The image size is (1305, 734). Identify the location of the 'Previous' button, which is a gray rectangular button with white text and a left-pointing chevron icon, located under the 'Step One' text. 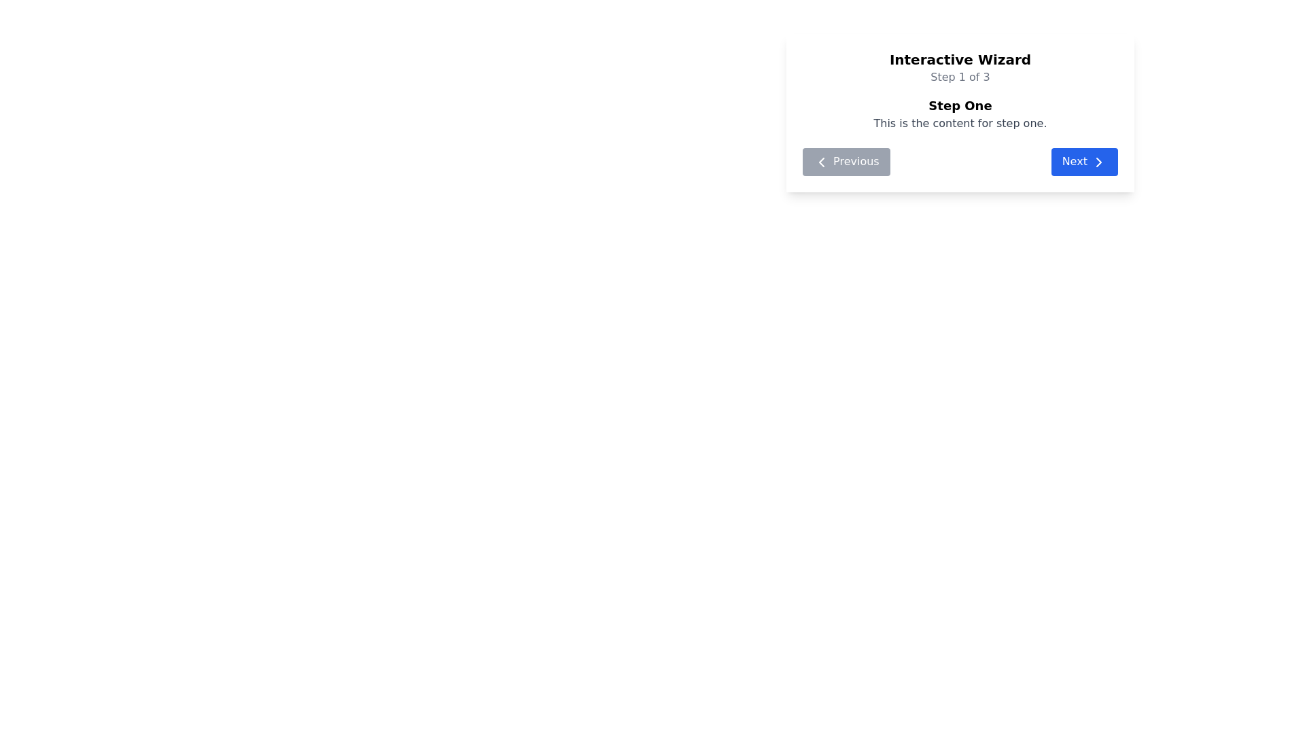
(846, 161).